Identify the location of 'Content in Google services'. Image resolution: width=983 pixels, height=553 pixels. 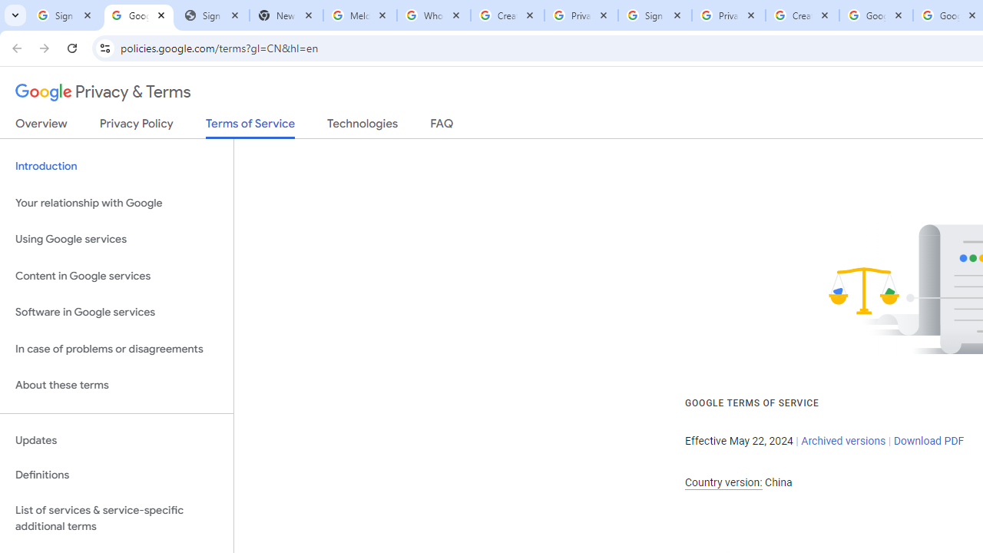
(116, 275).